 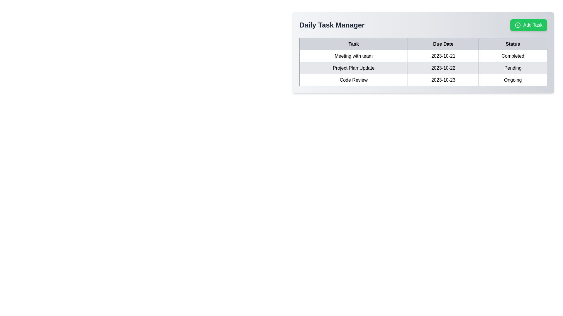 What do you see at coordinates (443, 56) in the screenshot?
I see `displayed date from the text string showing '2023-10-21' in the 'Due Date' column for the task 'Meeting with team'` at bounding box center [443, 56].